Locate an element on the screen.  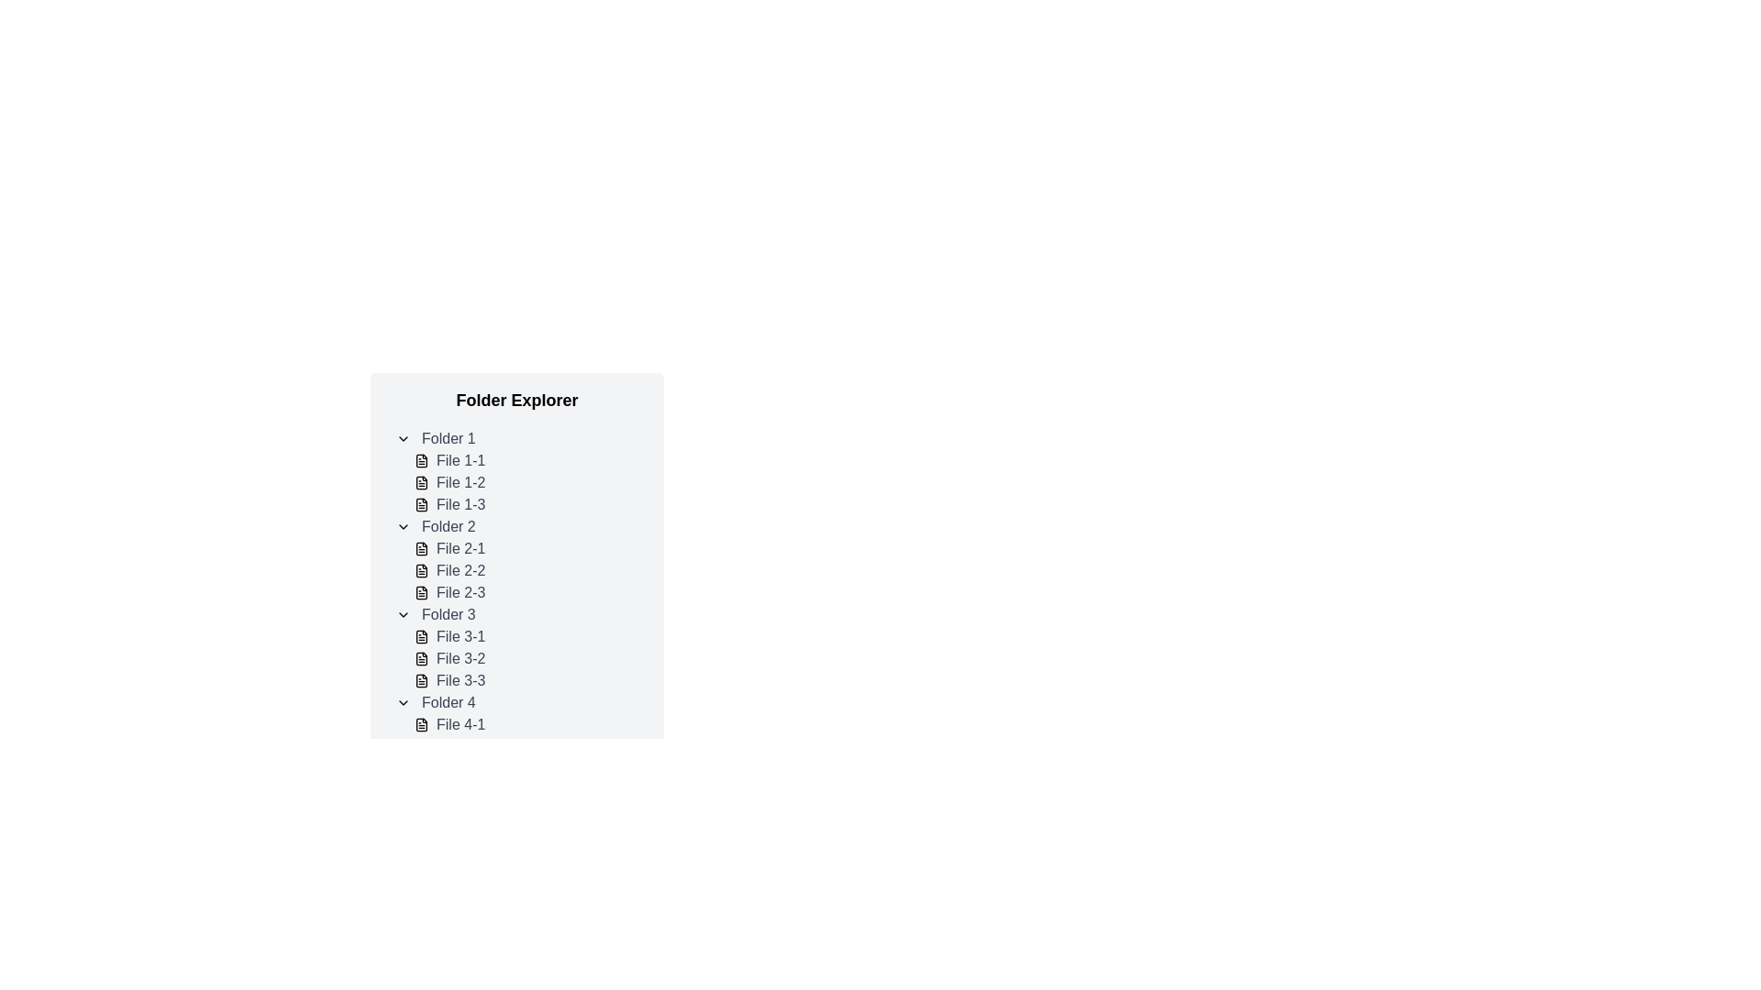
the 'File 2-3' icon in the 'Folder 2' section of the folder explorer interface is located at coordinates (421, 593).